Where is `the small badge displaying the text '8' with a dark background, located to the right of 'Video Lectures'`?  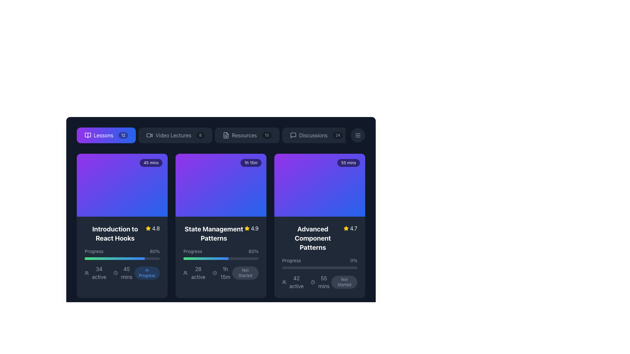 the small badge displaying the text '8' with a dark background, located to the right of 'Video Lectures' is located at coordinates (200, 135).